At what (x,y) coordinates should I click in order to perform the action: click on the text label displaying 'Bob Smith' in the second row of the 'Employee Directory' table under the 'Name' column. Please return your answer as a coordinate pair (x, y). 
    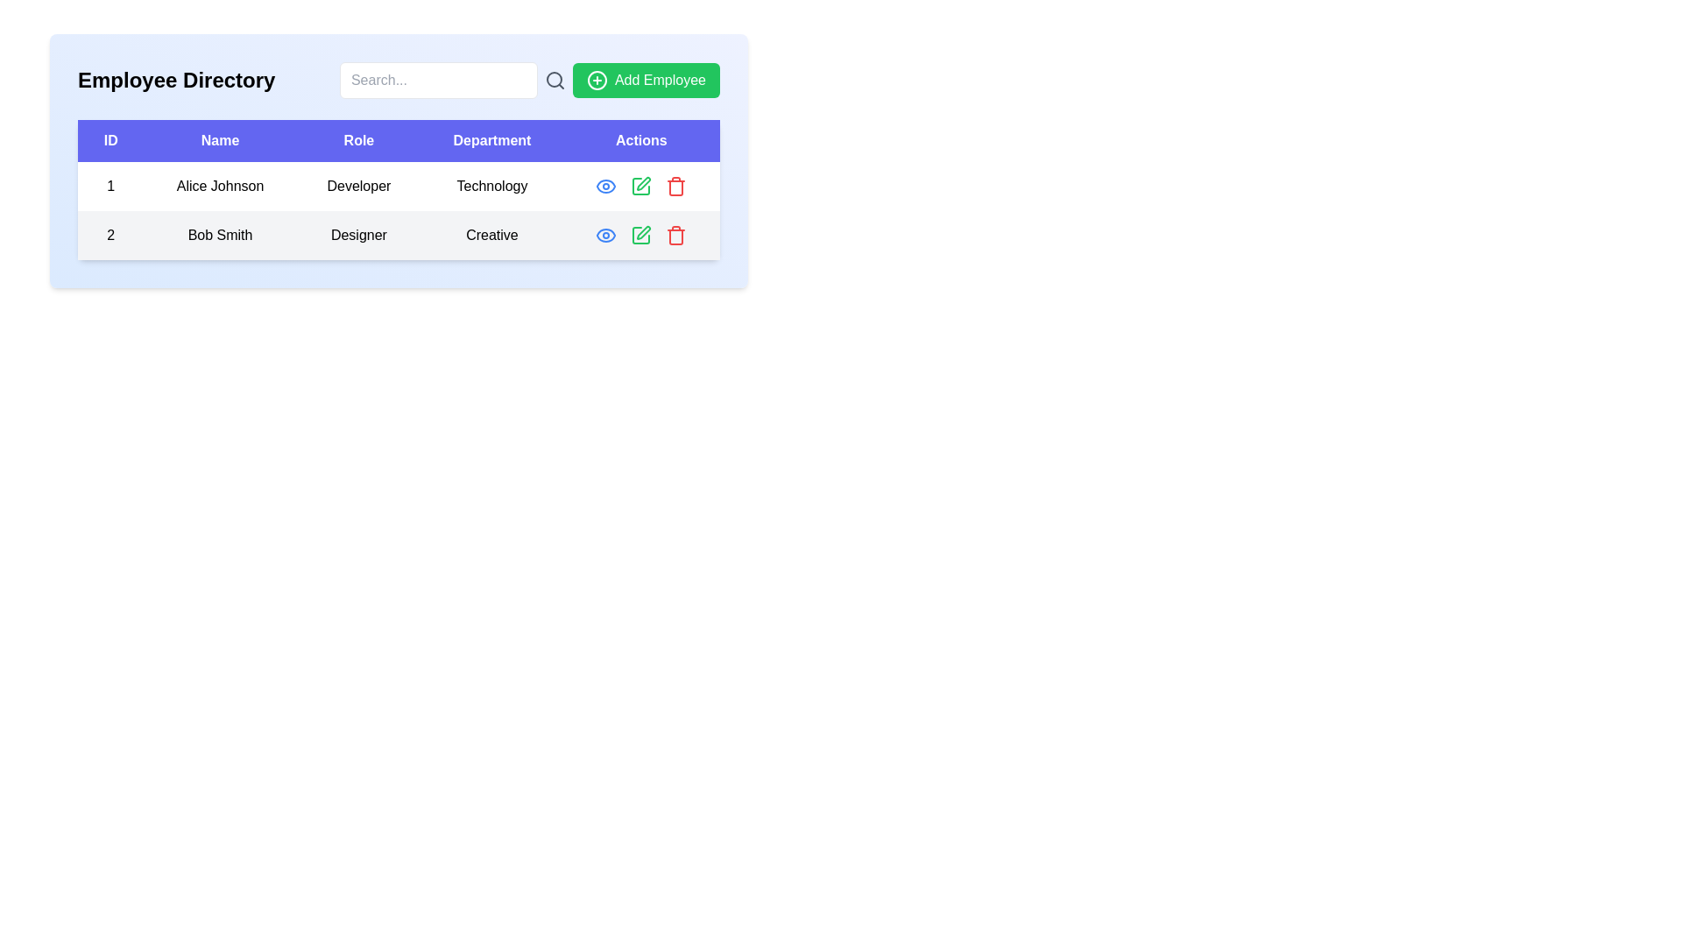
    Looking at the image, I should click on (219, 235).